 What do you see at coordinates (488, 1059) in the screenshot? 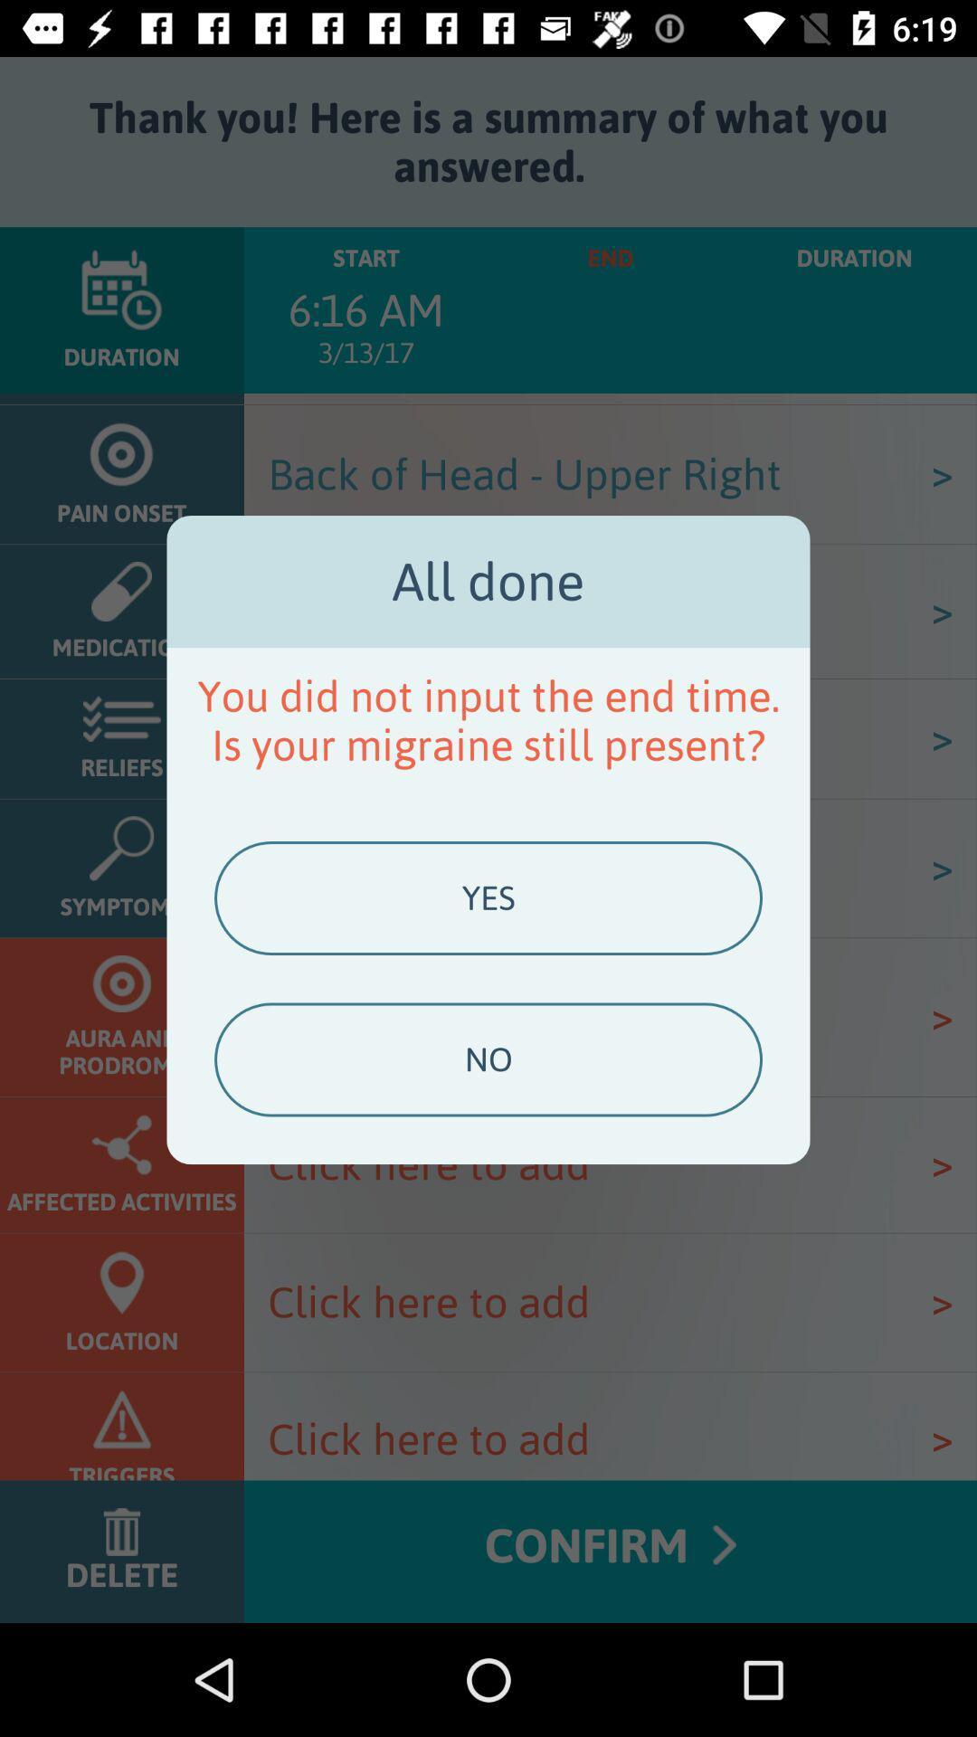
I see `no icon` at bounding box center [488, 1059].